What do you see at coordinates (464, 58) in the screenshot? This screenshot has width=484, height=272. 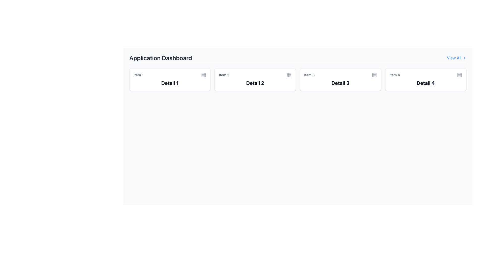 I see `the arrow icon located on the far-right side of the 'View All' link text` at bounding box center [464, 58].